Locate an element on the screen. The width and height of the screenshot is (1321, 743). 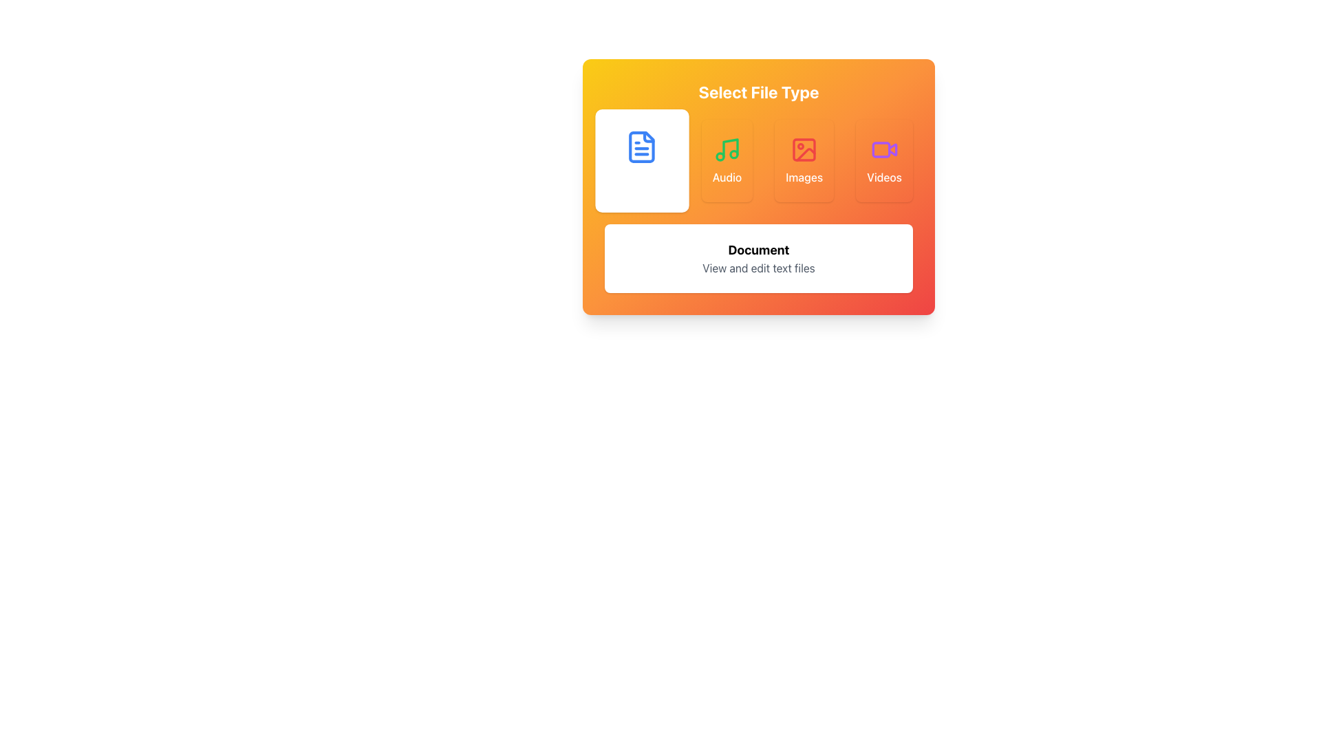
the icon within the red outlined button that represents the 'Images' category in the 'Select File Type' menu is located at coordinates (804, 150).